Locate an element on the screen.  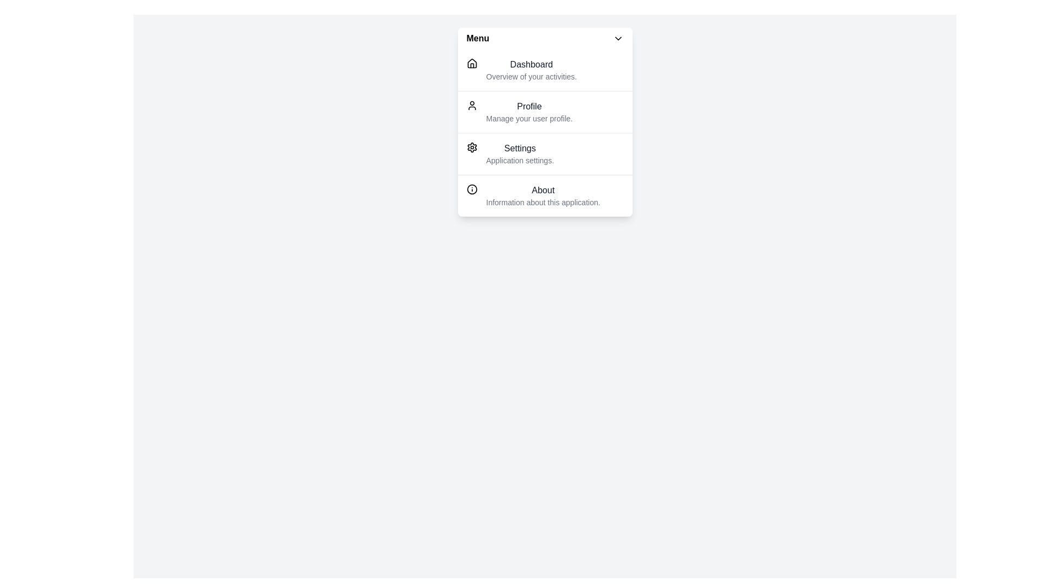
the menu item Dashboard to see visual feedback is located at coordinates (545, 70).